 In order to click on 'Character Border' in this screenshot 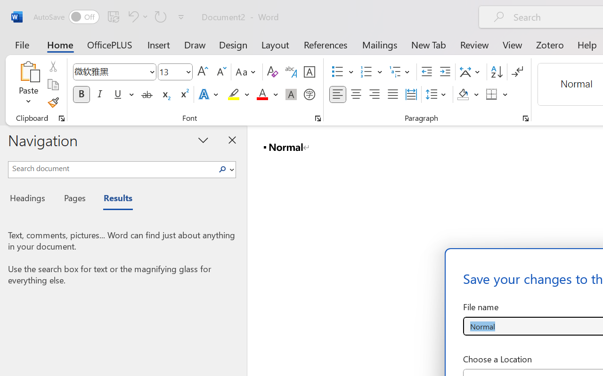, I will do `click(309, 72)`.